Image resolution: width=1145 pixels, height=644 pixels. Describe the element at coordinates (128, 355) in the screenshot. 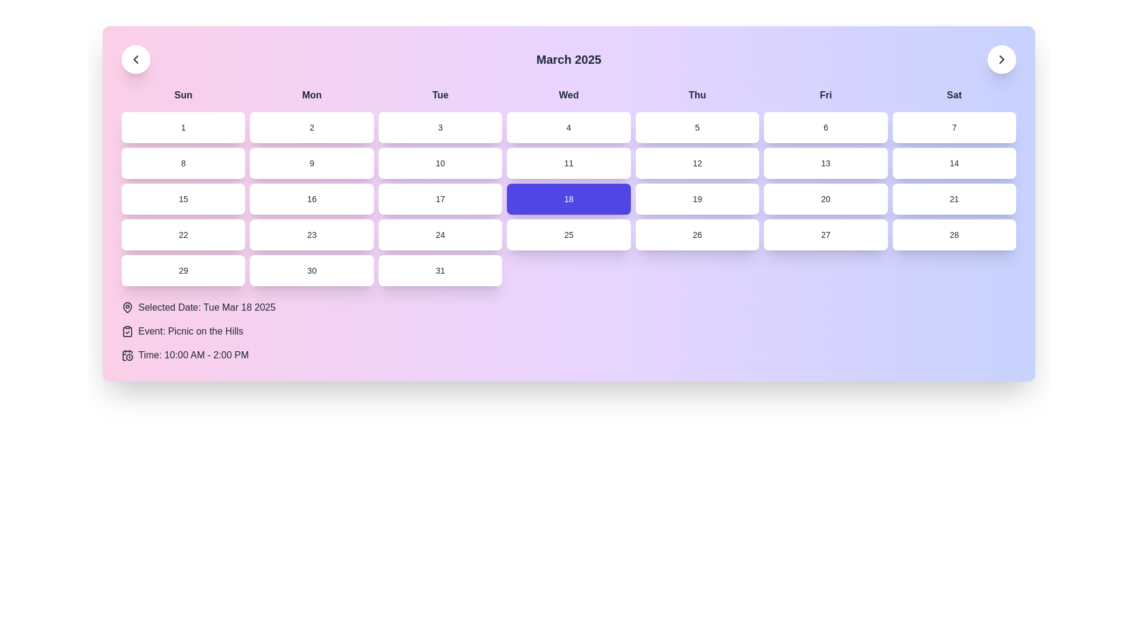

I see `the time information icon located directly before the text 'Time: 10:00 AM - 2:00 PM'` at that location.